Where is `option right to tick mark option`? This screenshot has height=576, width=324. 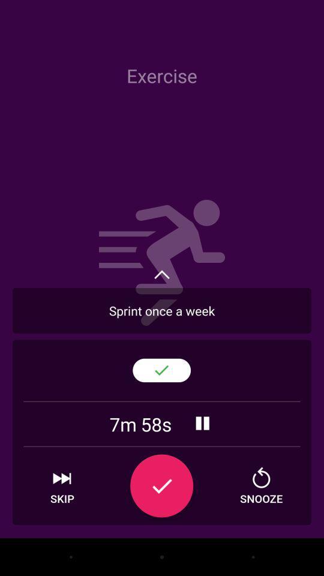
option right to tick mark option is located at coordinates (260, 486).